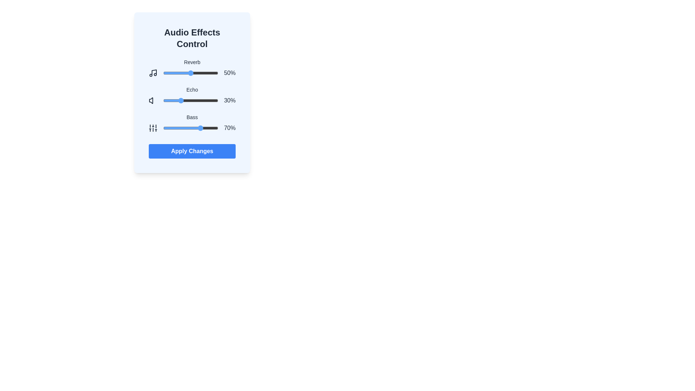 The width and height of the screenshot is (695, 391). Describe the element at coordinates (206, 128) in the screenshot. I see `bass` at that location.